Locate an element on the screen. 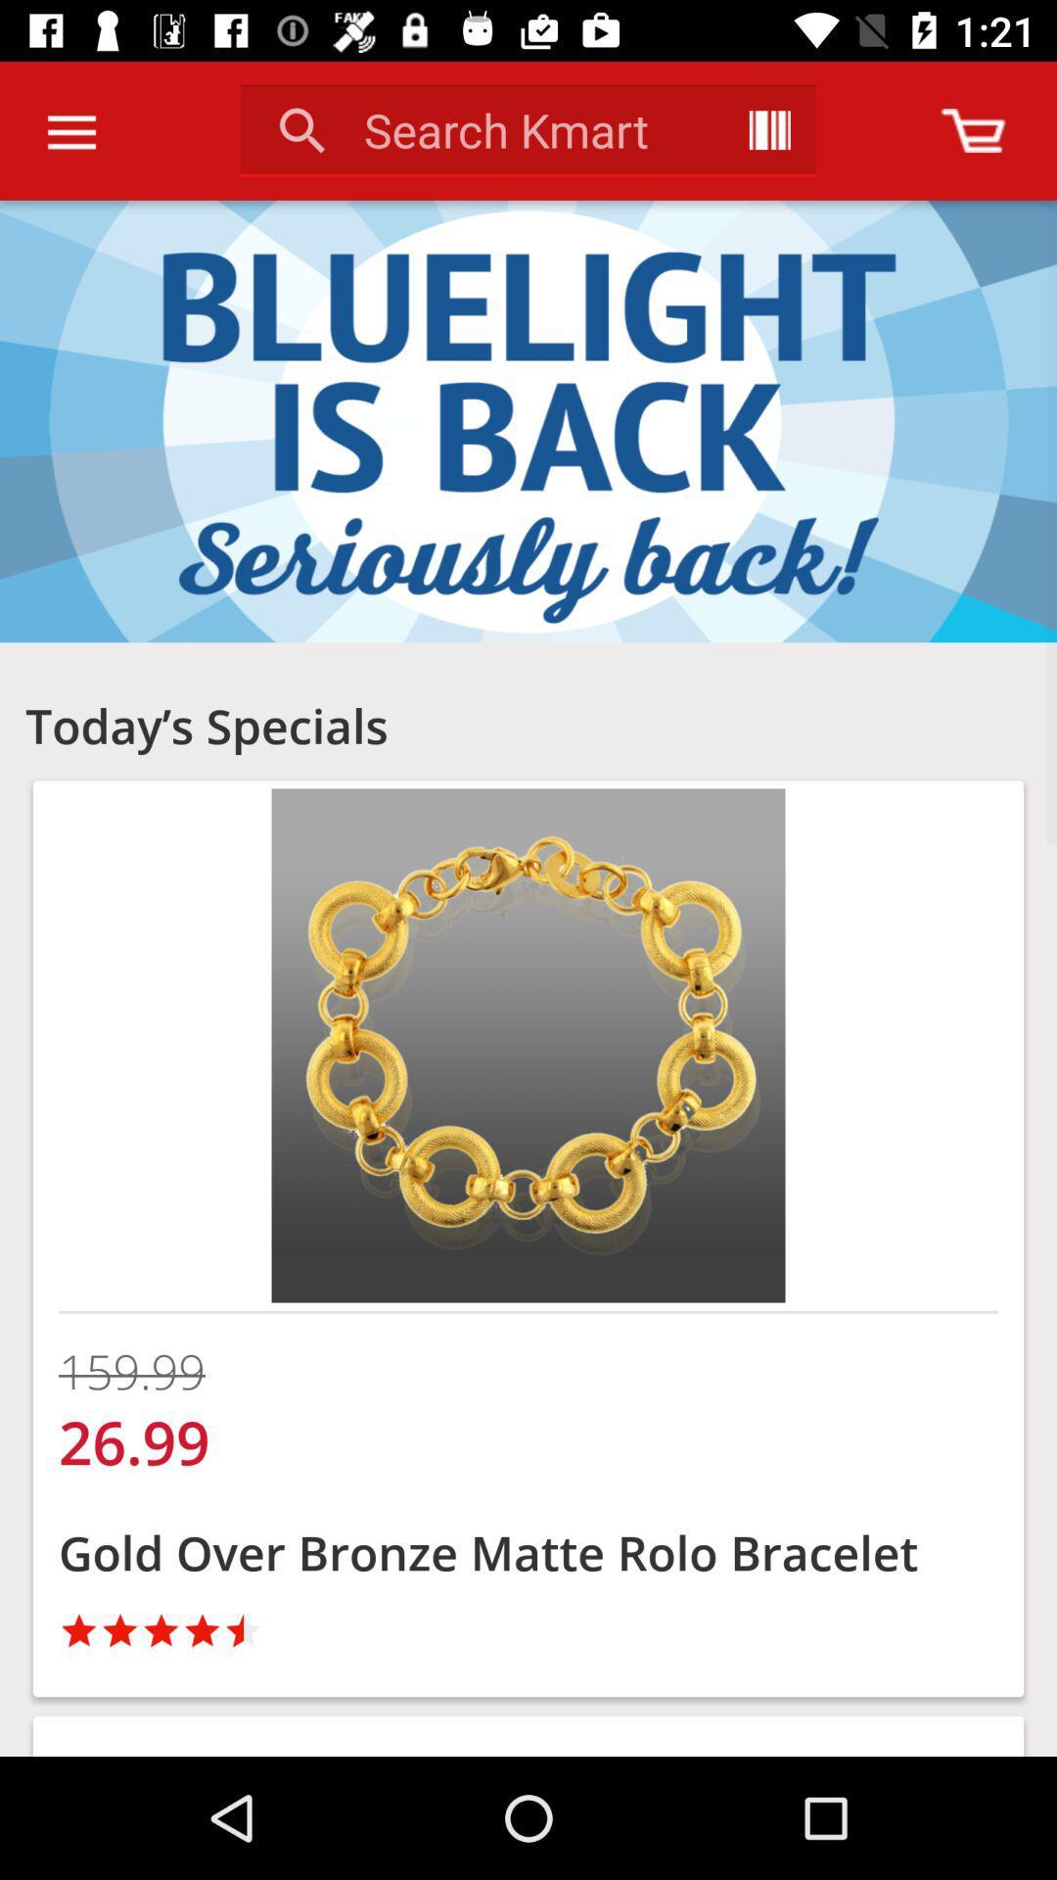 This screenshot has width=1057, height=1880. scan barcode is located at coordinates (768, 129).